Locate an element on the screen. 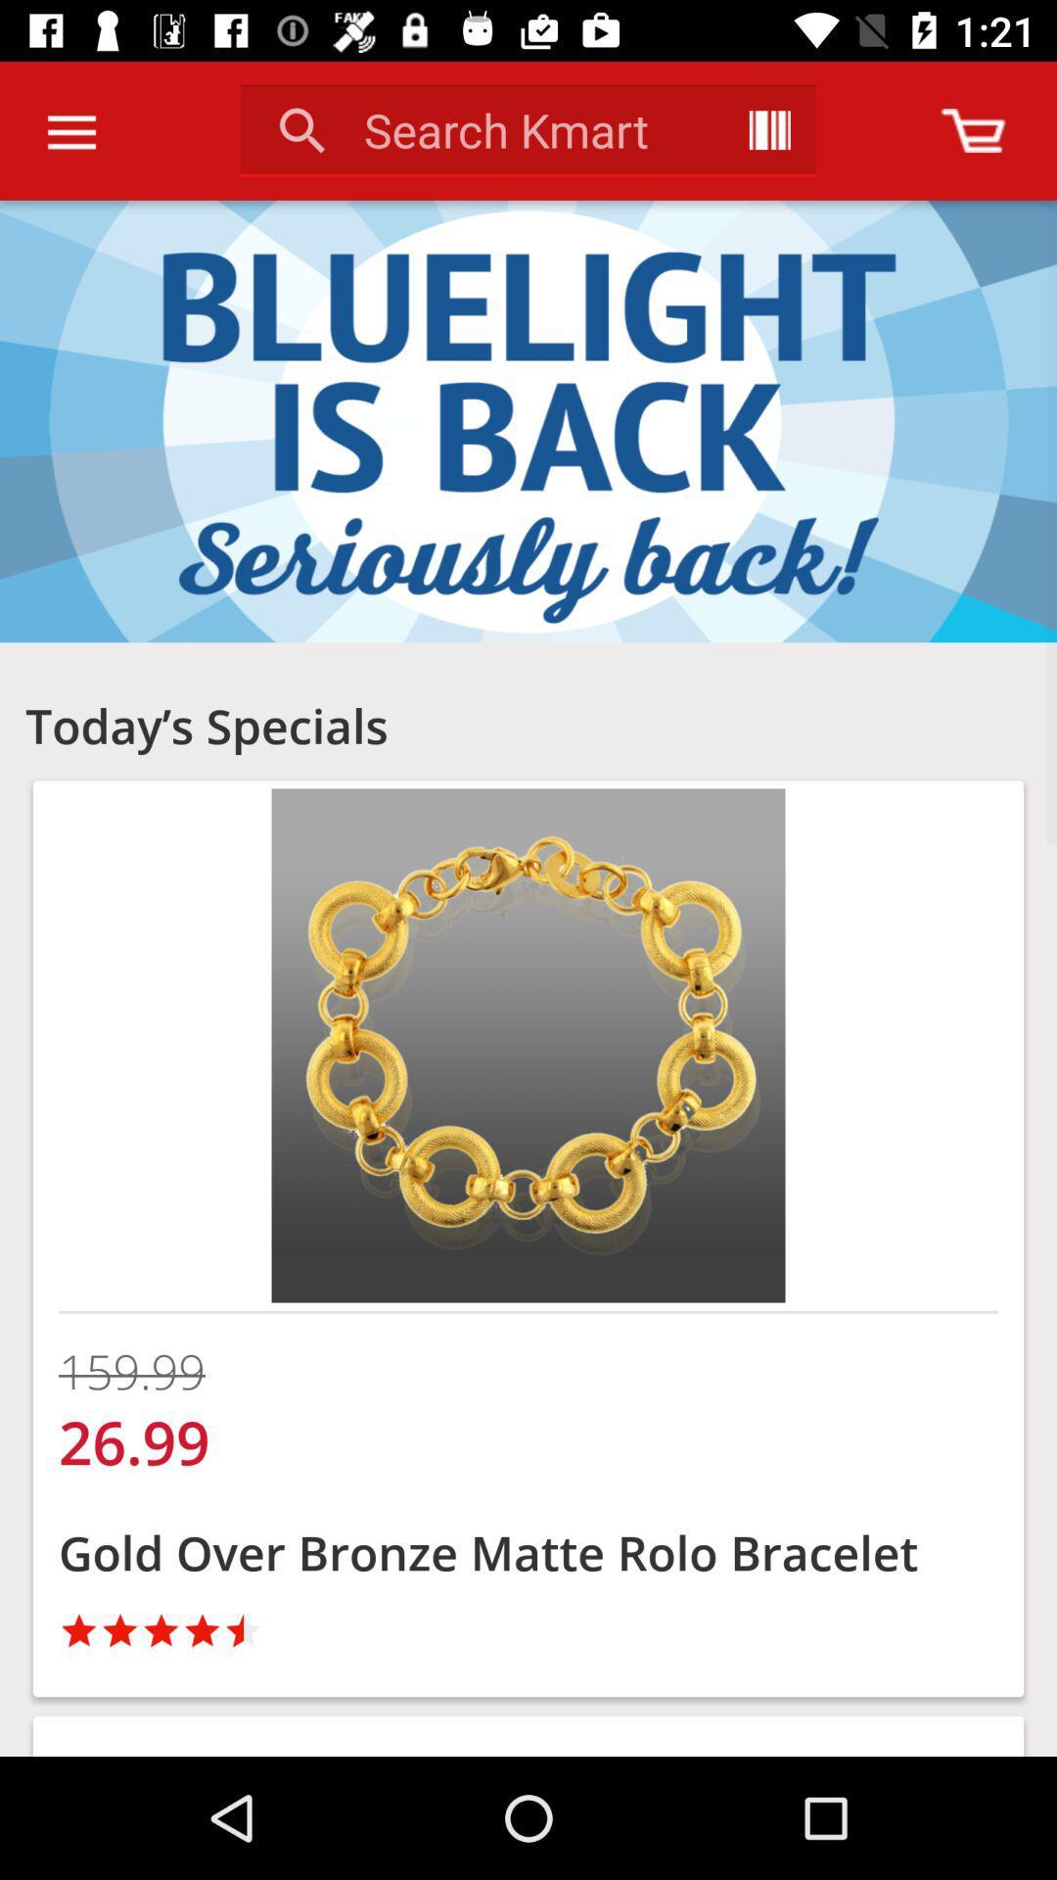 This screenshot has width=1057, height=1880. scan barcode is located at coordinates (768, 129).